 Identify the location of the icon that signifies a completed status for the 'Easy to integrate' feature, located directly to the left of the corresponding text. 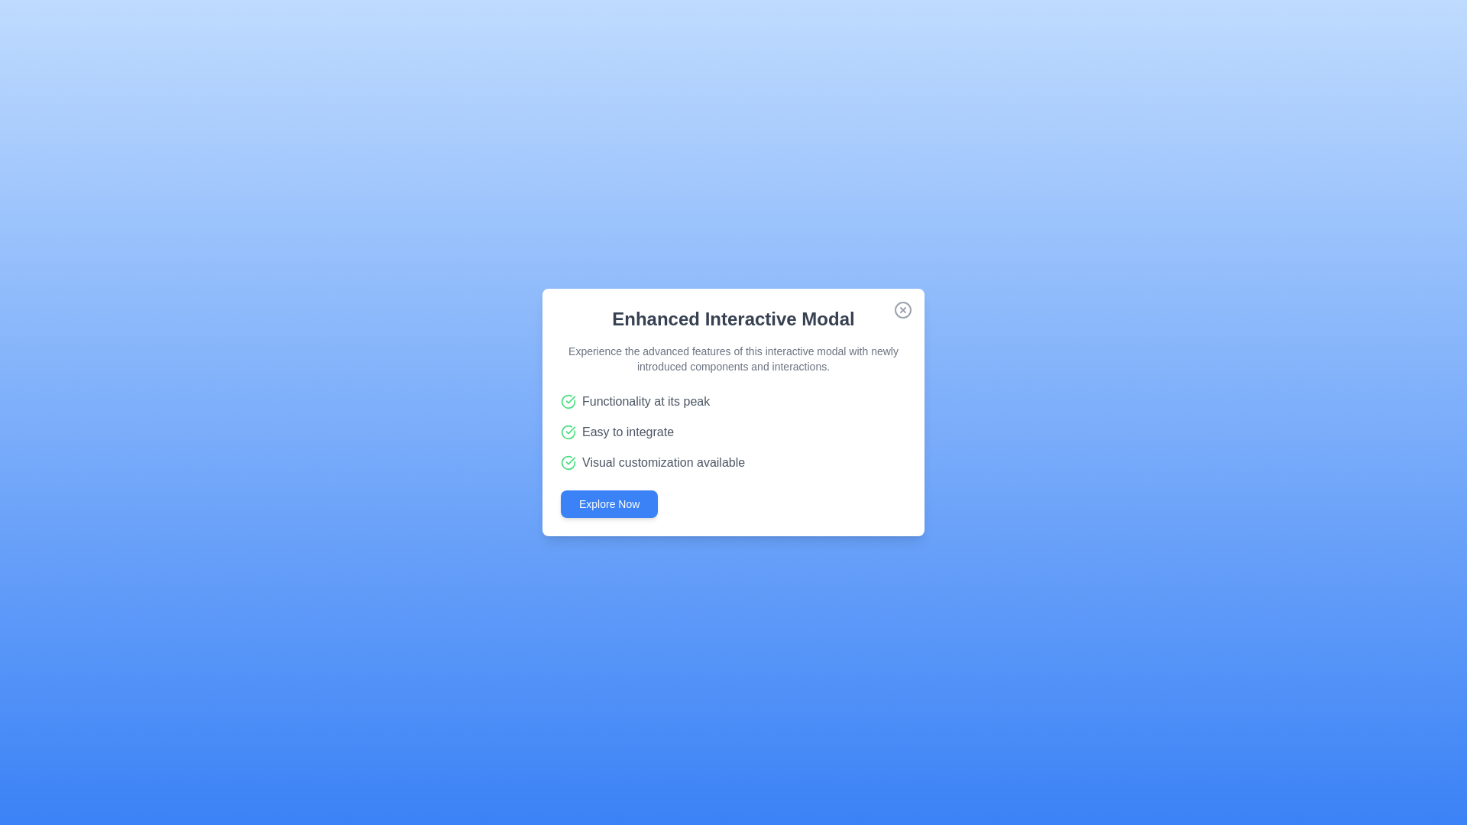
(568, 432).